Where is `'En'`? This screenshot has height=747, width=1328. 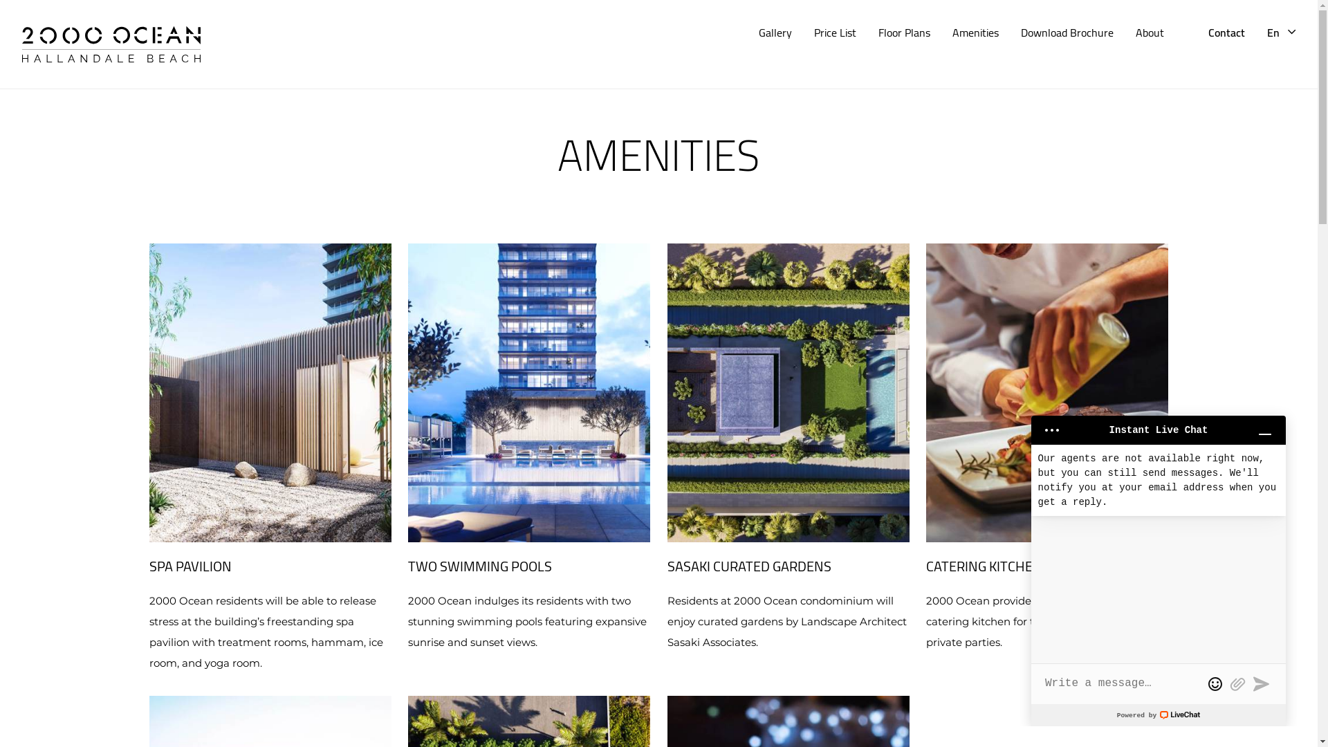 'En' is located at coordinates (1267, 31).